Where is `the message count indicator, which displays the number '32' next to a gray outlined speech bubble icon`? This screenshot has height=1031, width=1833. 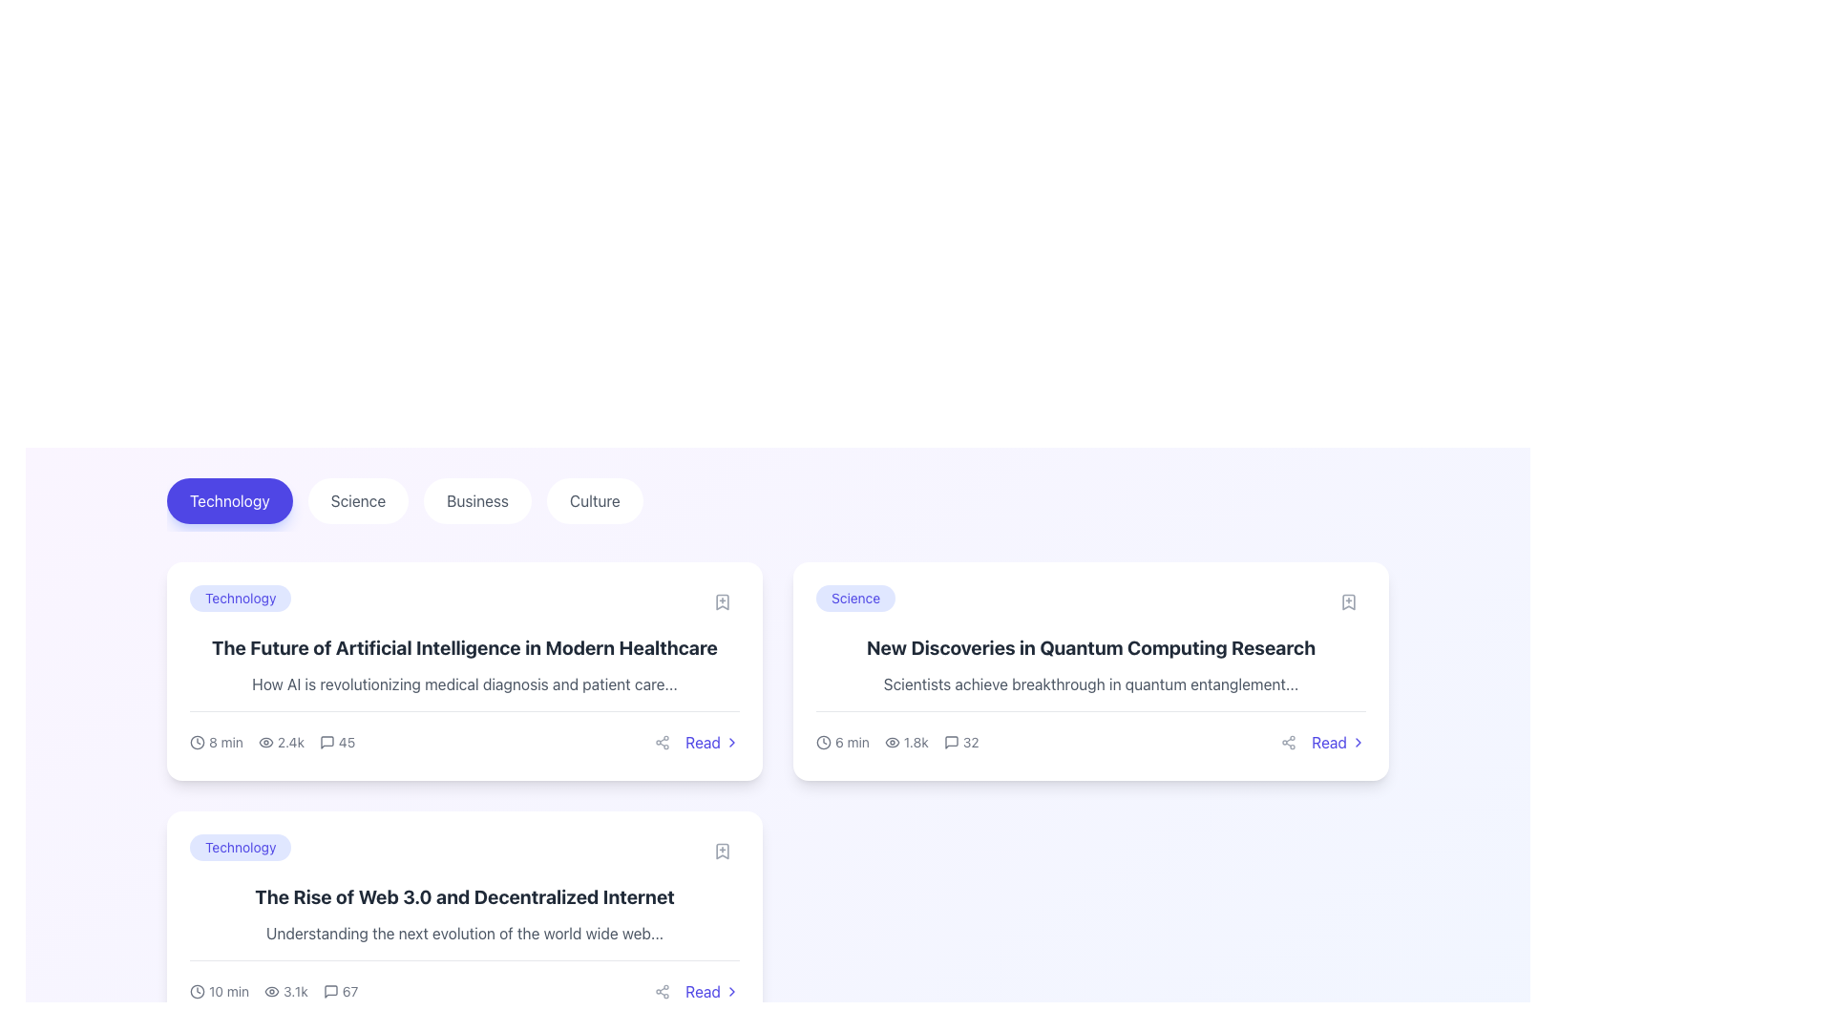 the message count indicator, which displays the number '32' next to a gray outlined speech bubble icon is located at coordinates (961, 742).